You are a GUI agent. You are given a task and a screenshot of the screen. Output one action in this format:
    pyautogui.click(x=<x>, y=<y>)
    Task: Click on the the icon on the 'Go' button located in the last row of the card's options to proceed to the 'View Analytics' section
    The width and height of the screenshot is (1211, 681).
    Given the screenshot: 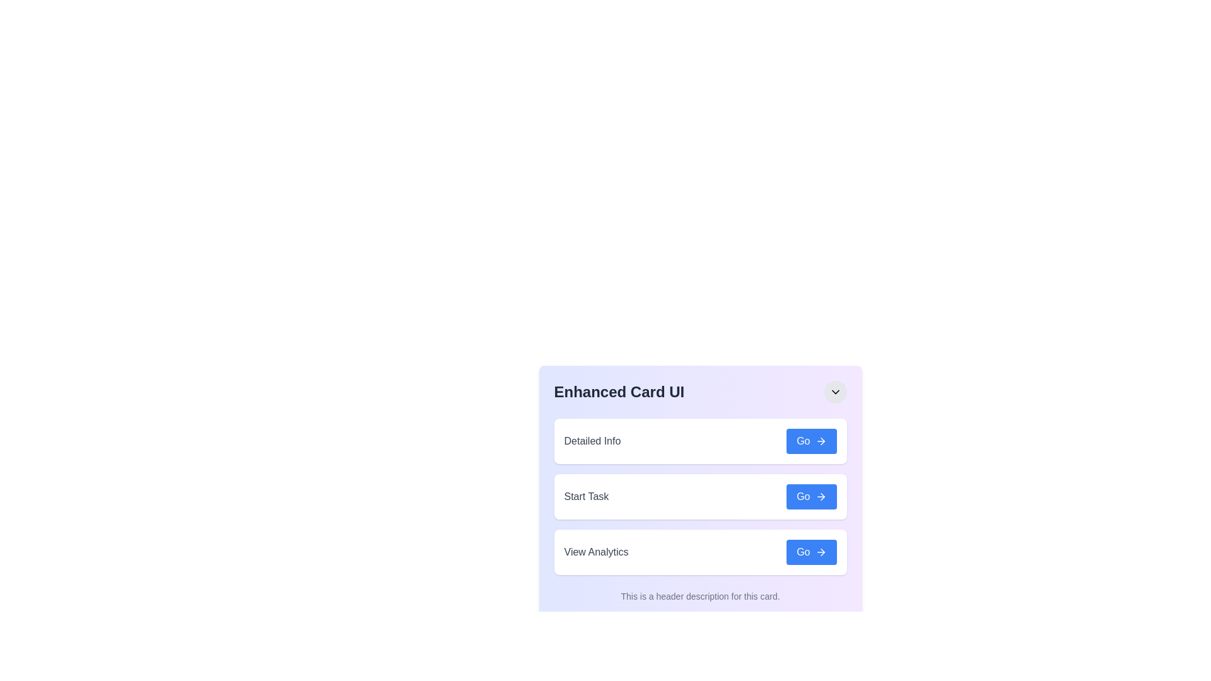 What is the action you would take?
    pyautogui.click(x=821, y=551)
    